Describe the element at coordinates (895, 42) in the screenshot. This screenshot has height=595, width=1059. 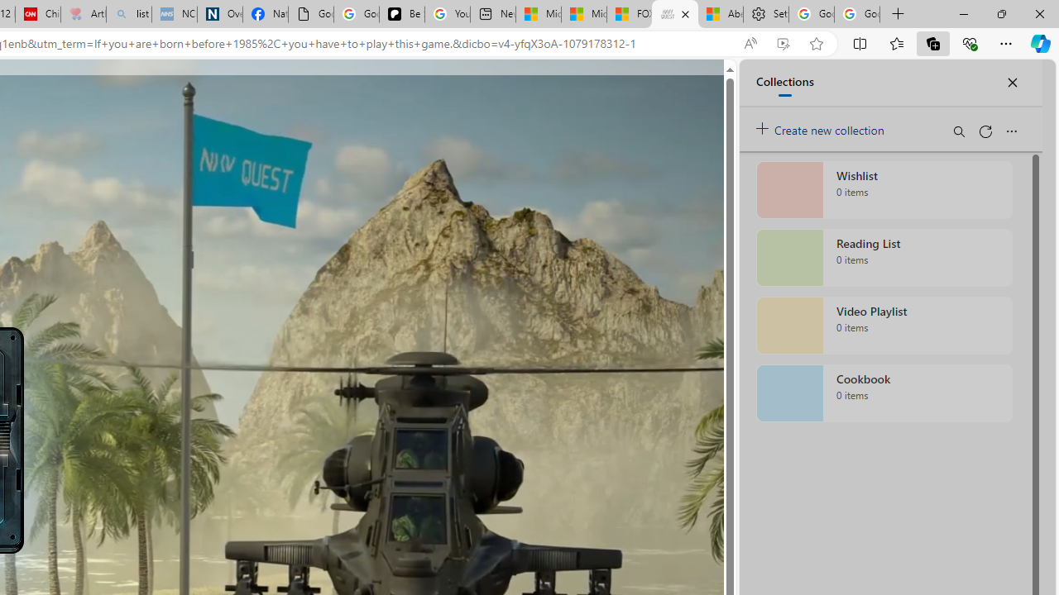
I see `'Favorites'` at that location.